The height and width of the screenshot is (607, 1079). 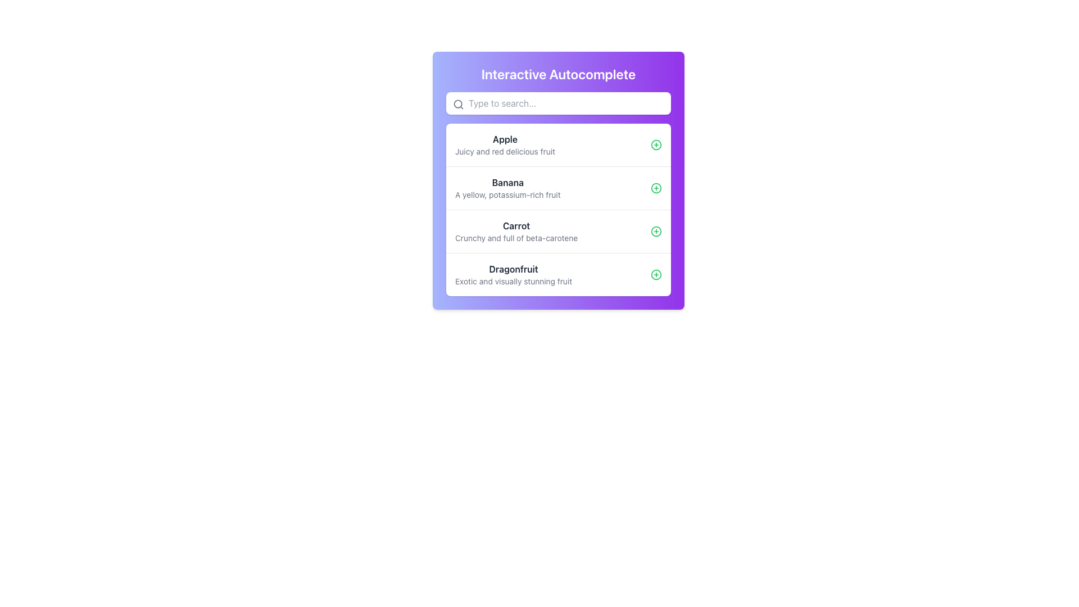 What do you see at coordinates (656, 188) in the screenshot?
I see `the interactive button for the item 'Banana'` at bounding box center [656, 188].